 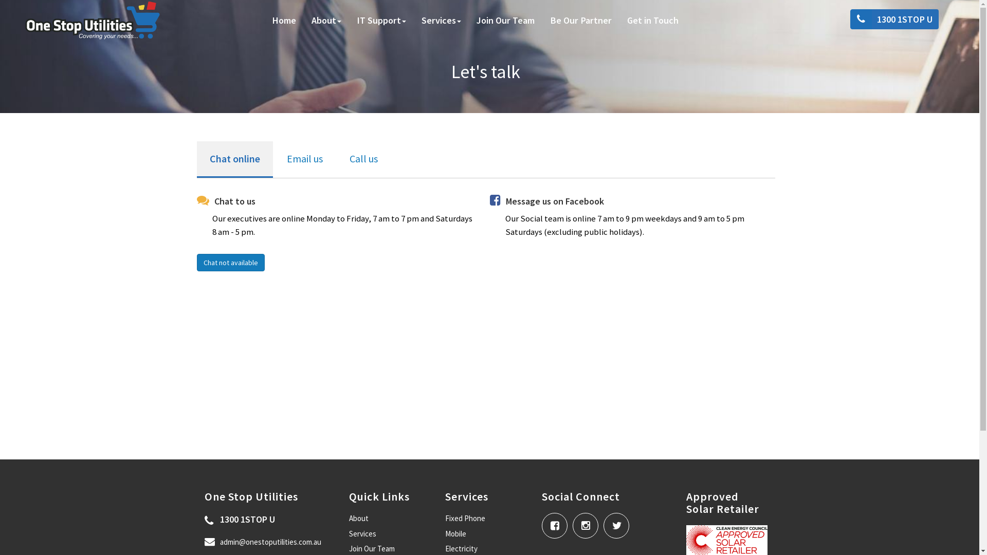 I want to click on 'Electricity', so click(x=445, y=548).